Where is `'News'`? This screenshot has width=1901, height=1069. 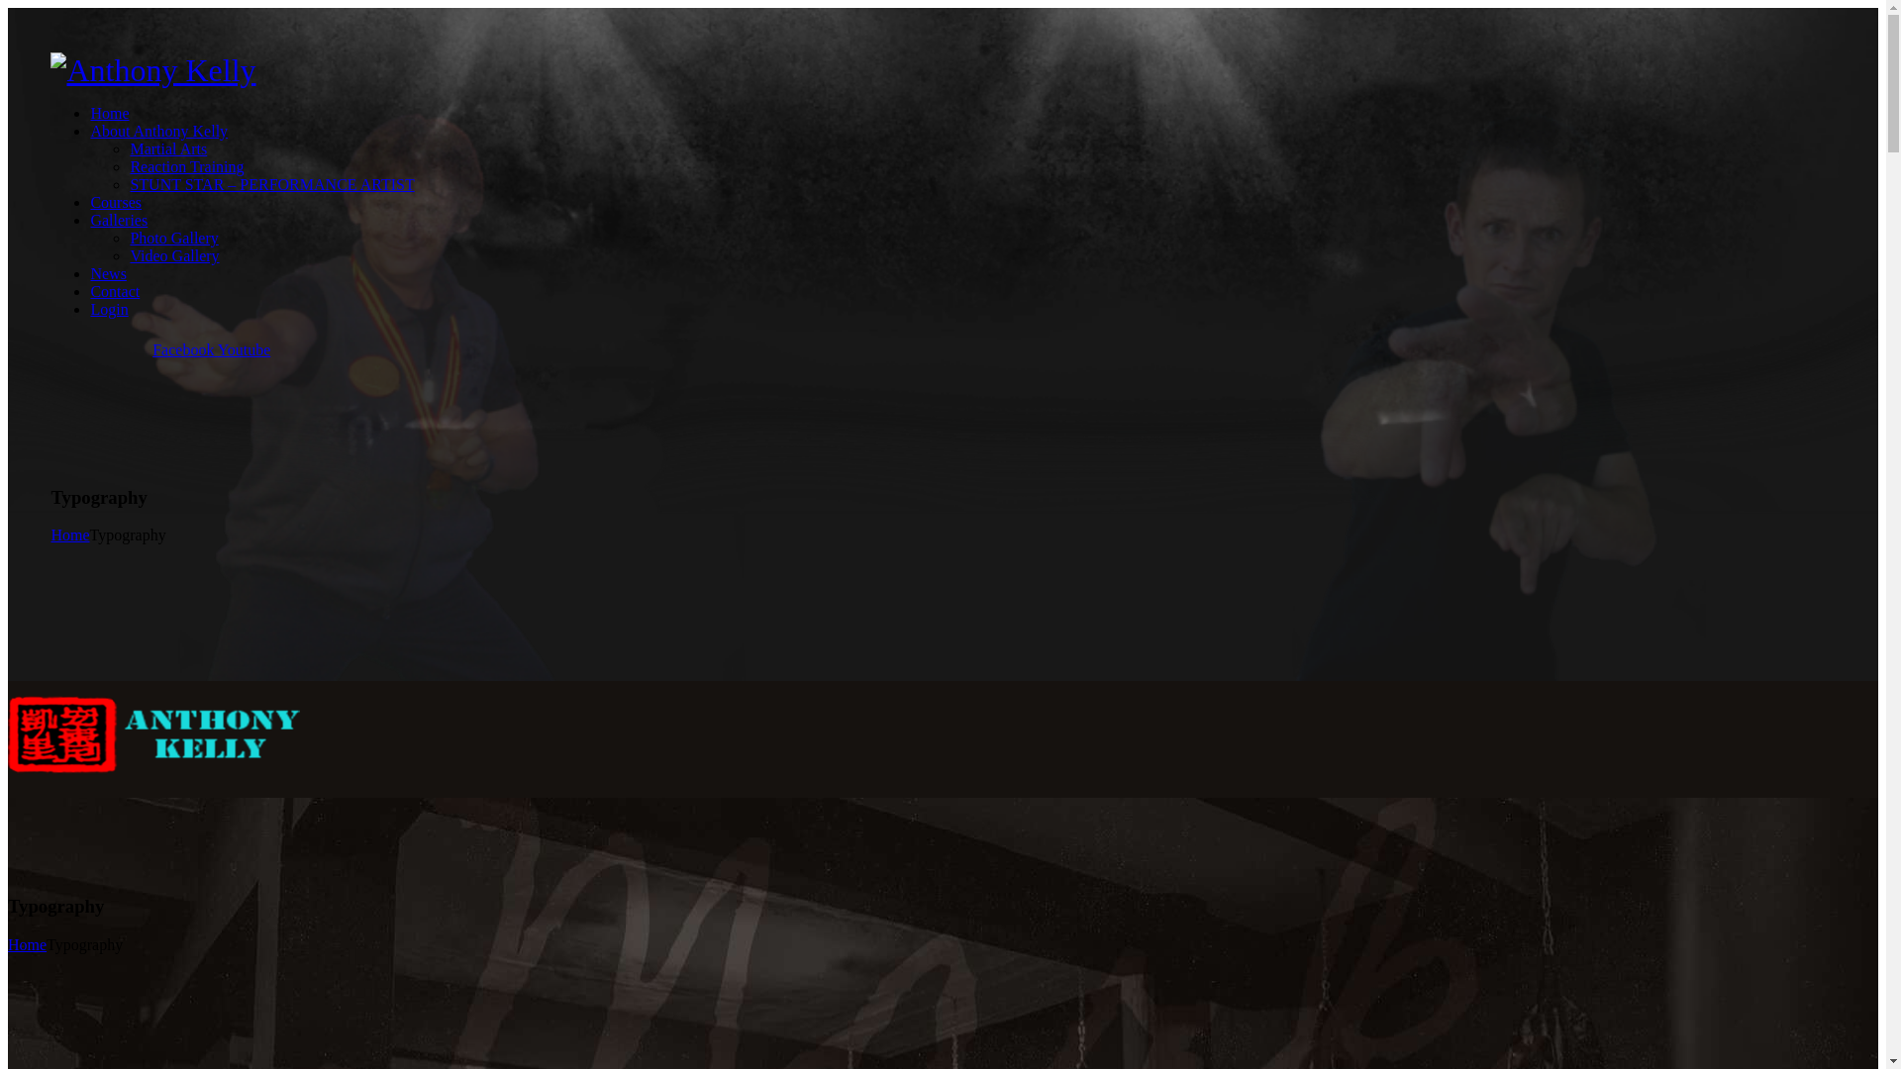
'News' is located at coordinates (107, 273).